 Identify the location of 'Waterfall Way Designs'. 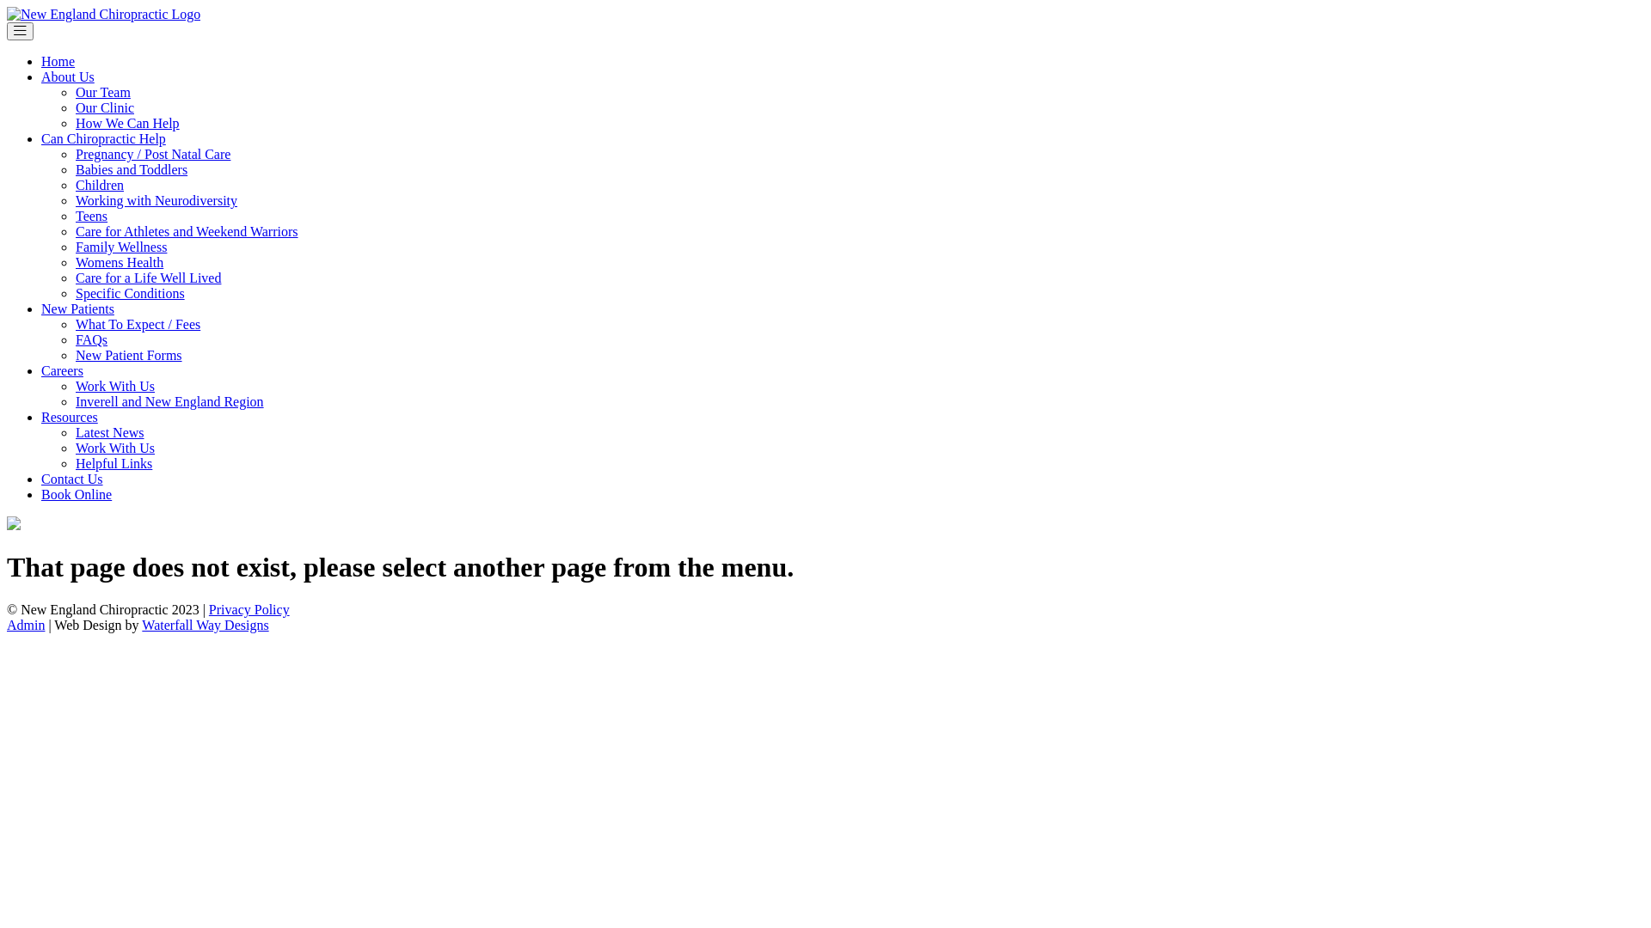
(205, 625).